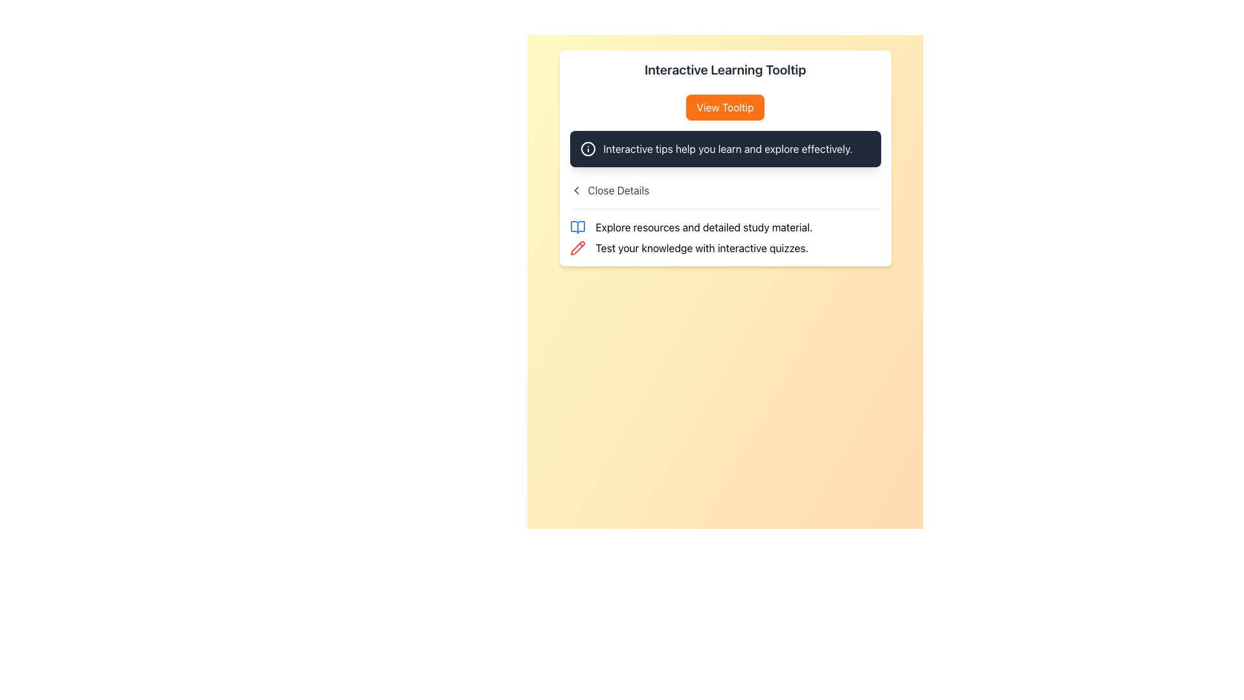 Image resolution: width=1244 pixels, height=700 pixels. I want to click on the information icon located within the tooltip dialog, positioned to the left of the text 'Interactive tips help you learn and explore effectively.', so click(587, 148).